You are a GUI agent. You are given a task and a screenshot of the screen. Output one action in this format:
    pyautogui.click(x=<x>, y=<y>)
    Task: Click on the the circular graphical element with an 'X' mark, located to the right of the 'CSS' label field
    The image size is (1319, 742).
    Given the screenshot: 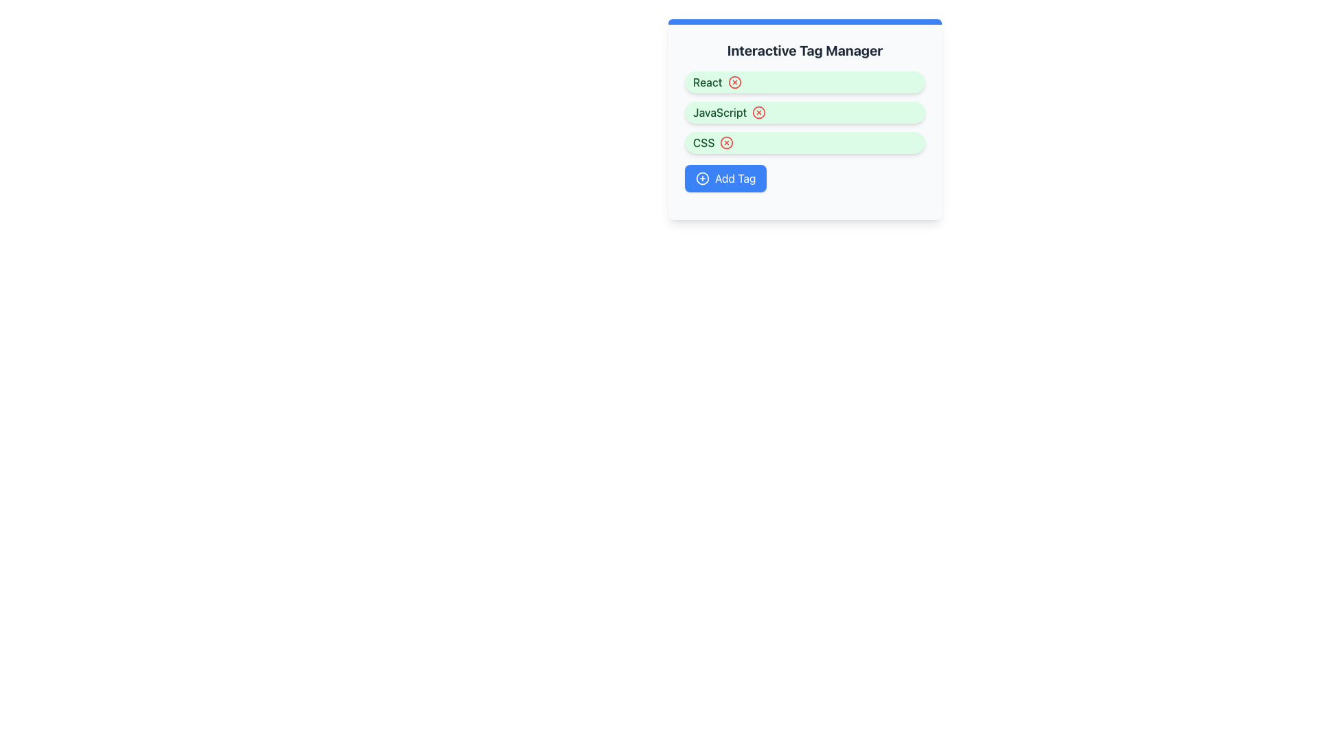 What is the action you would take?
    pyautogui.click(x=726, y=143)
    